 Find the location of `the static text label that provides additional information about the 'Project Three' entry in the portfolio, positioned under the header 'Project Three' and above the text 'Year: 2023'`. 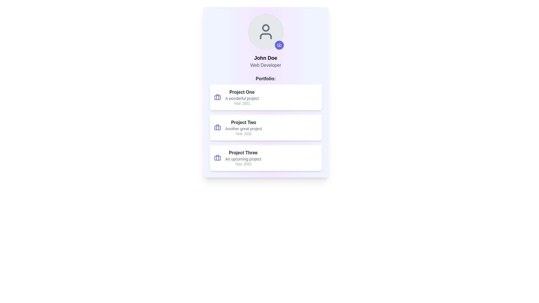

the static text label that provides additional information about the 'Project Three' entry in the portfolio, positioned under the header 'Project Three' and above the text 'Year: 2023' is located at coordinates (243, 159).